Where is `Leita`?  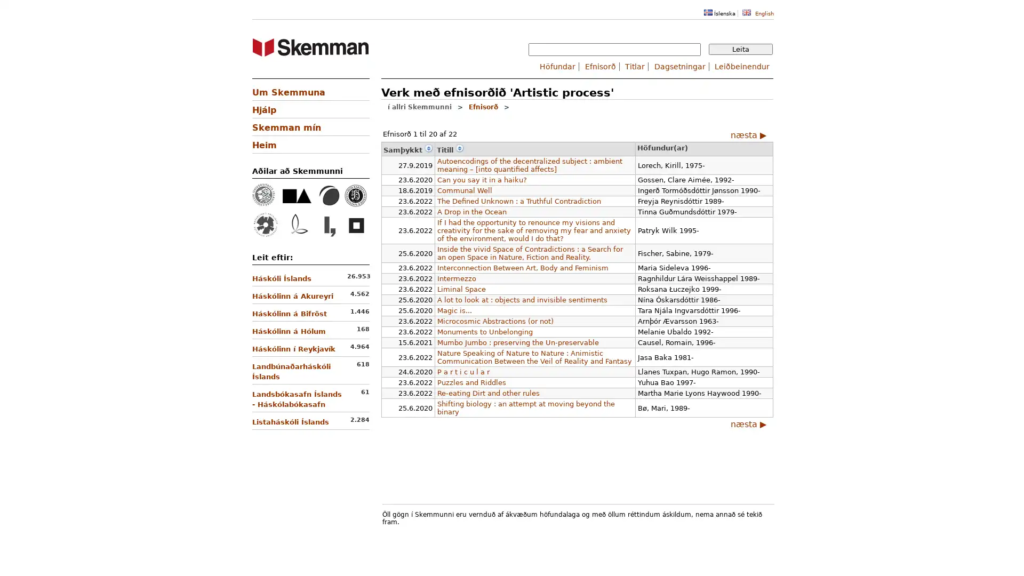 Leita is located at coordinates (740, 49).